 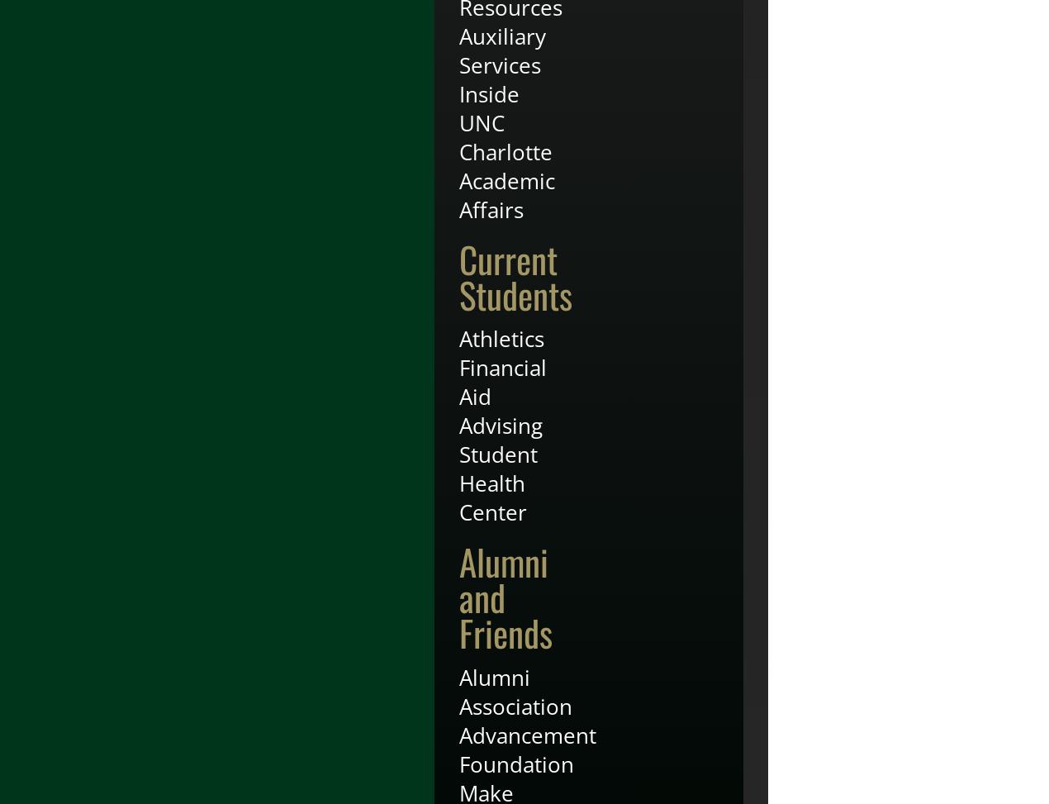 What do you see at coordinates (501, 424) in the screenshot?
I see `'Advising'` at bounding box center [501, 424].